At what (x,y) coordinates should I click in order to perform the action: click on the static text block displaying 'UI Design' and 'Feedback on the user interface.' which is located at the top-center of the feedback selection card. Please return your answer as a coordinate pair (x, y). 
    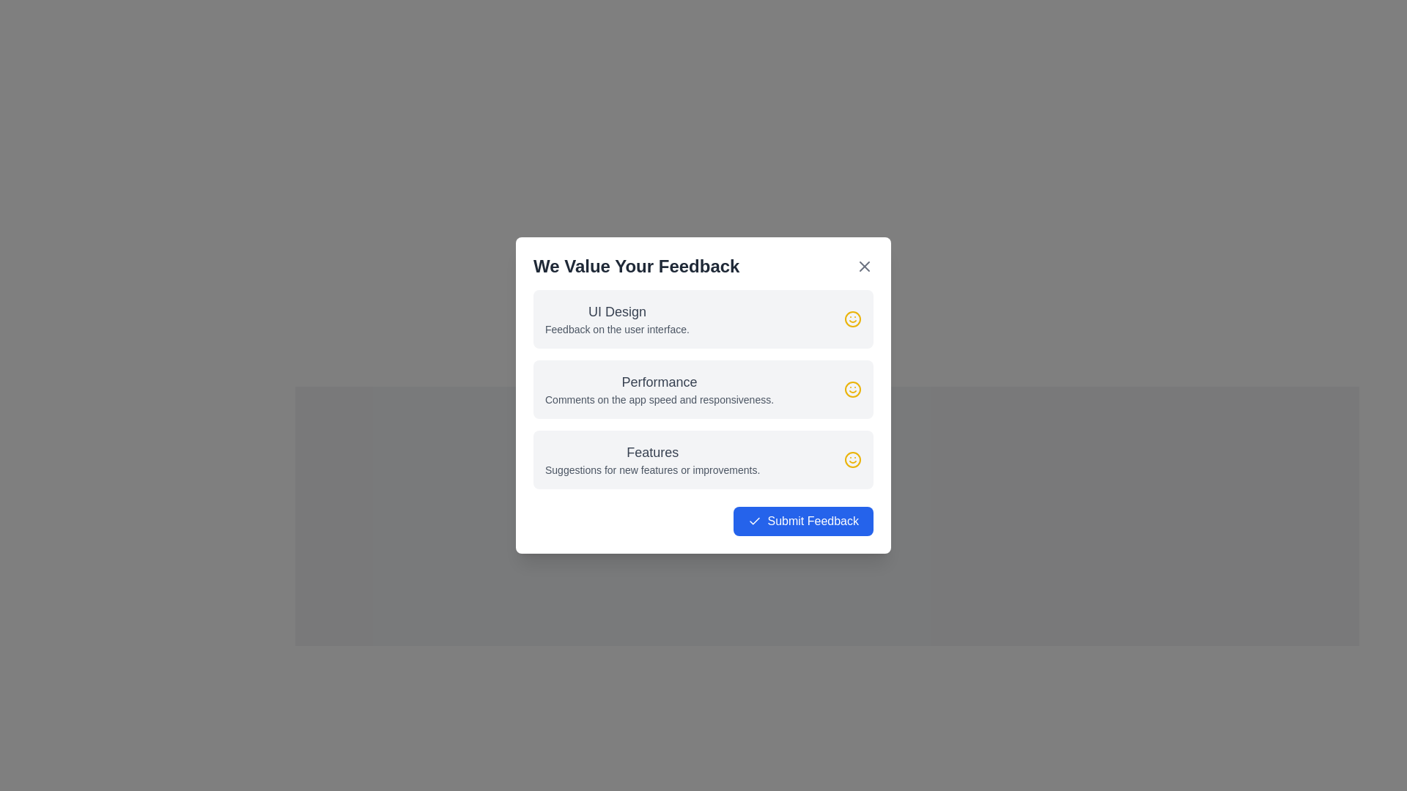
    Looking at the image, I should click on (617, 318).